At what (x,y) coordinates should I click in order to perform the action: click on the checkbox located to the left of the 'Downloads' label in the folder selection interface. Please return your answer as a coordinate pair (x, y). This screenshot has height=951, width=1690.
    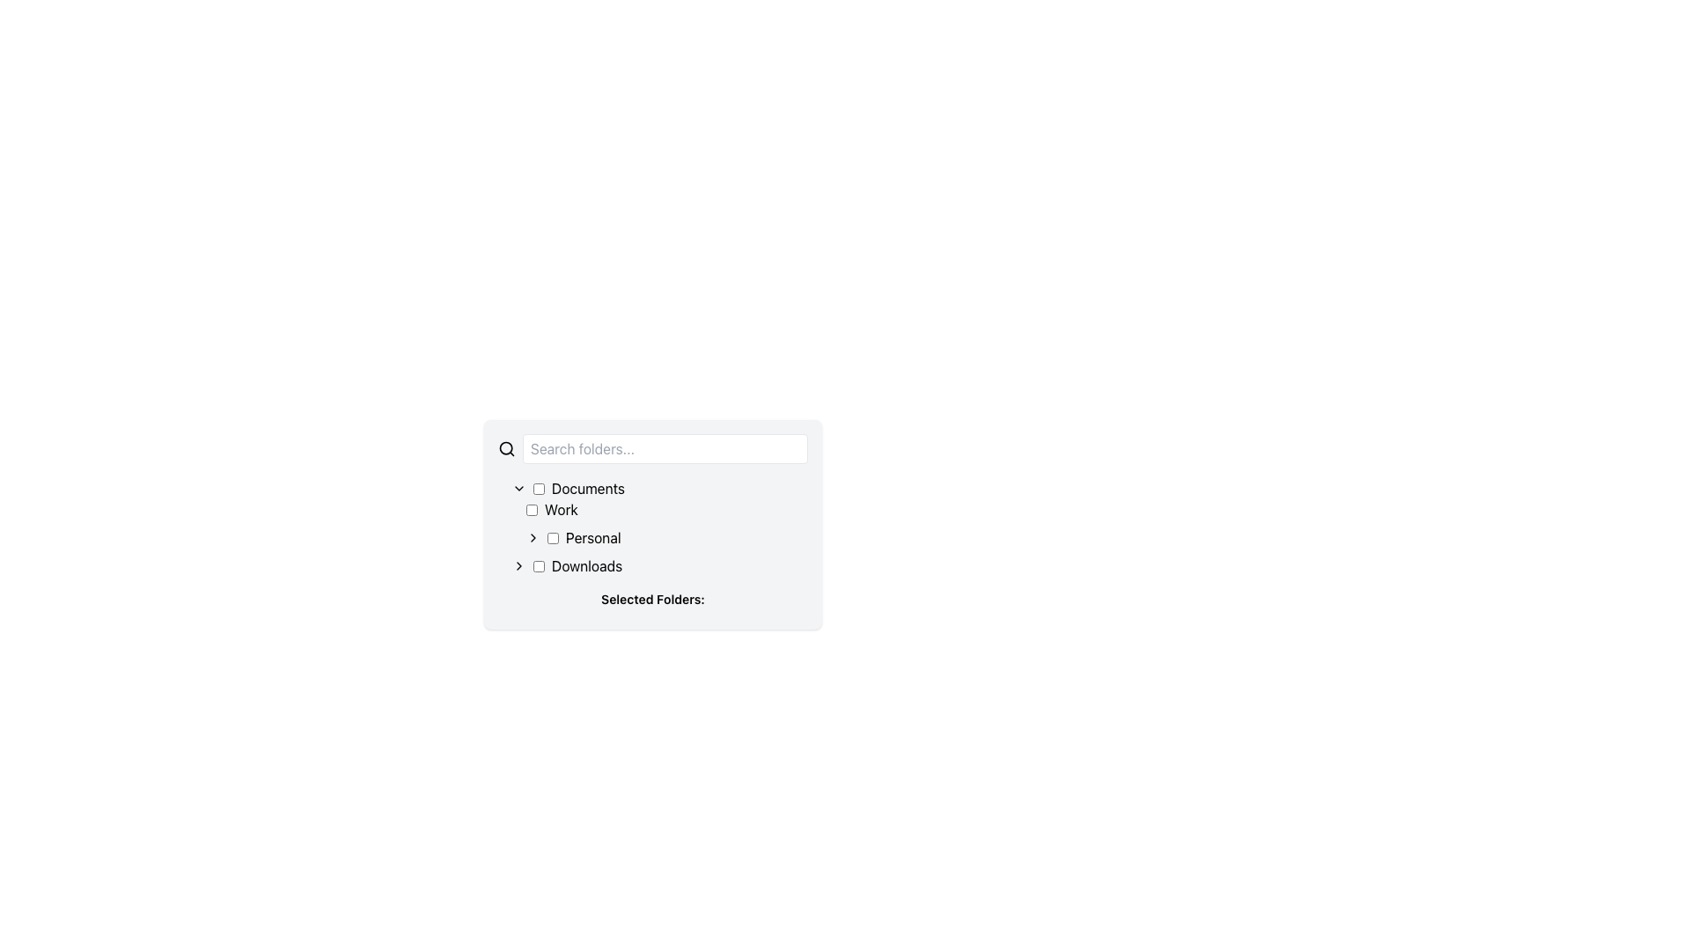
    Looking at the image, I should click on (538, 566).